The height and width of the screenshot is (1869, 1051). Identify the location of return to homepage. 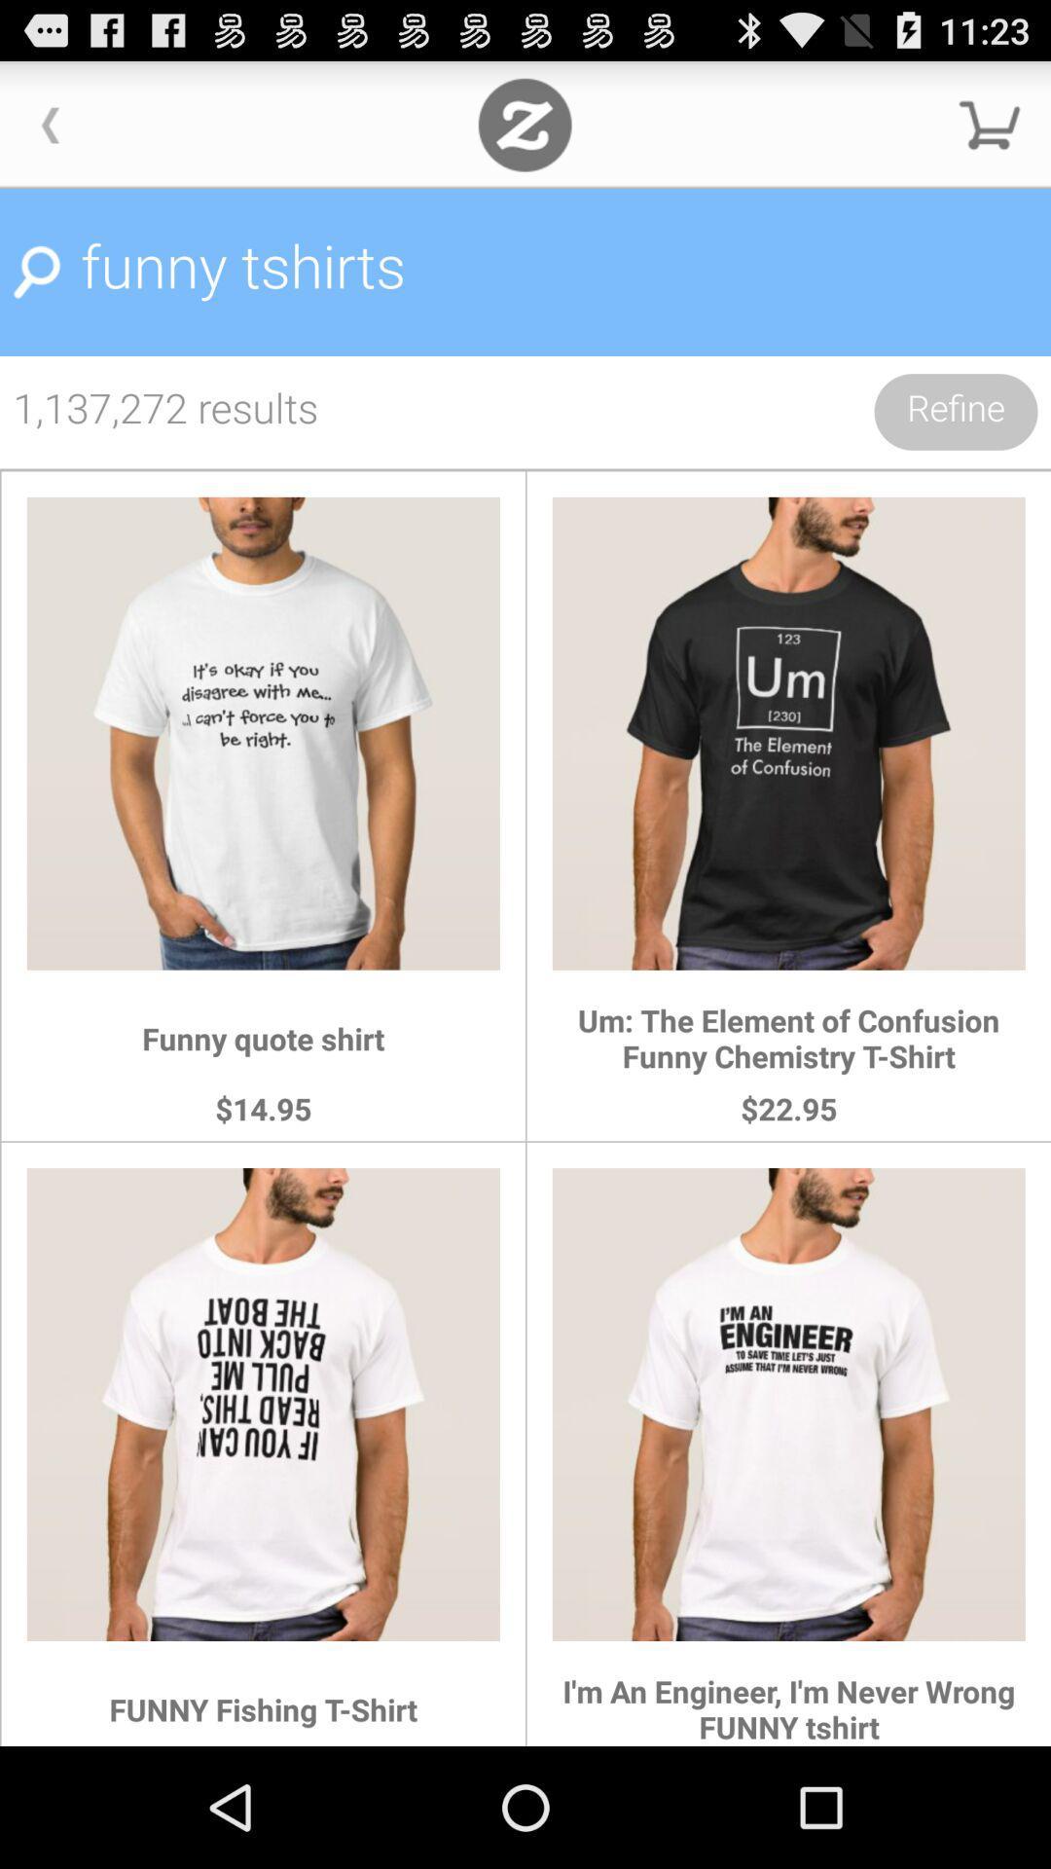
(524, 124).